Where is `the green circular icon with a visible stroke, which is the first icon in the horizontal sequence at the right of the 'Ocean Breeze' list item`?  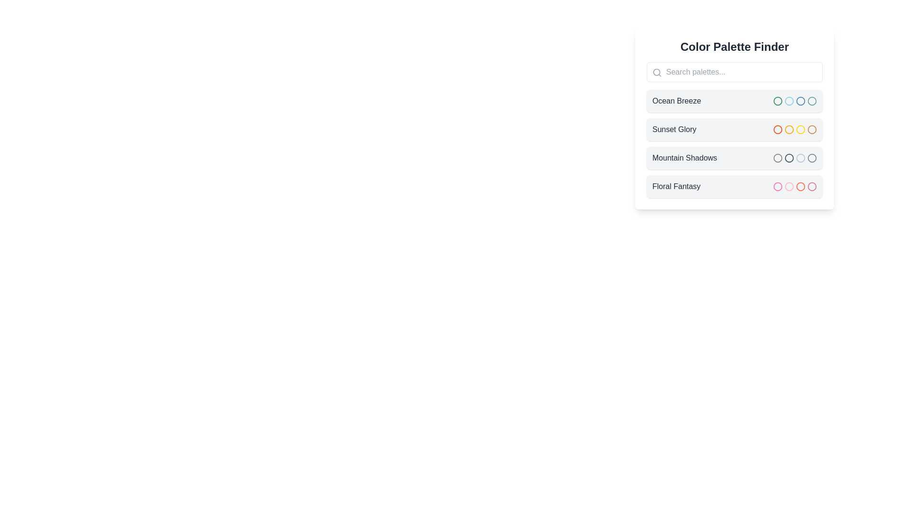
the green circular icon with a visible stroke, which is the first icon in the horizontal sequence at the right of the 'Ocean Breeze' list item is located at coordinates (778, 101).